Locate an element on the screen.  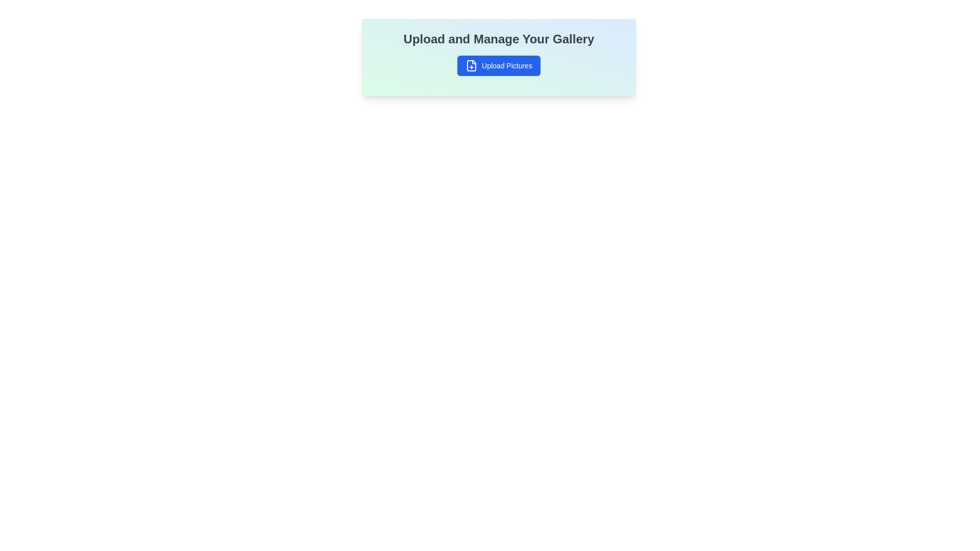
the 'Upload Pictures' button with a blue background and white text to trigger the background color change to a darker blue is located at coordinates (499, 65).